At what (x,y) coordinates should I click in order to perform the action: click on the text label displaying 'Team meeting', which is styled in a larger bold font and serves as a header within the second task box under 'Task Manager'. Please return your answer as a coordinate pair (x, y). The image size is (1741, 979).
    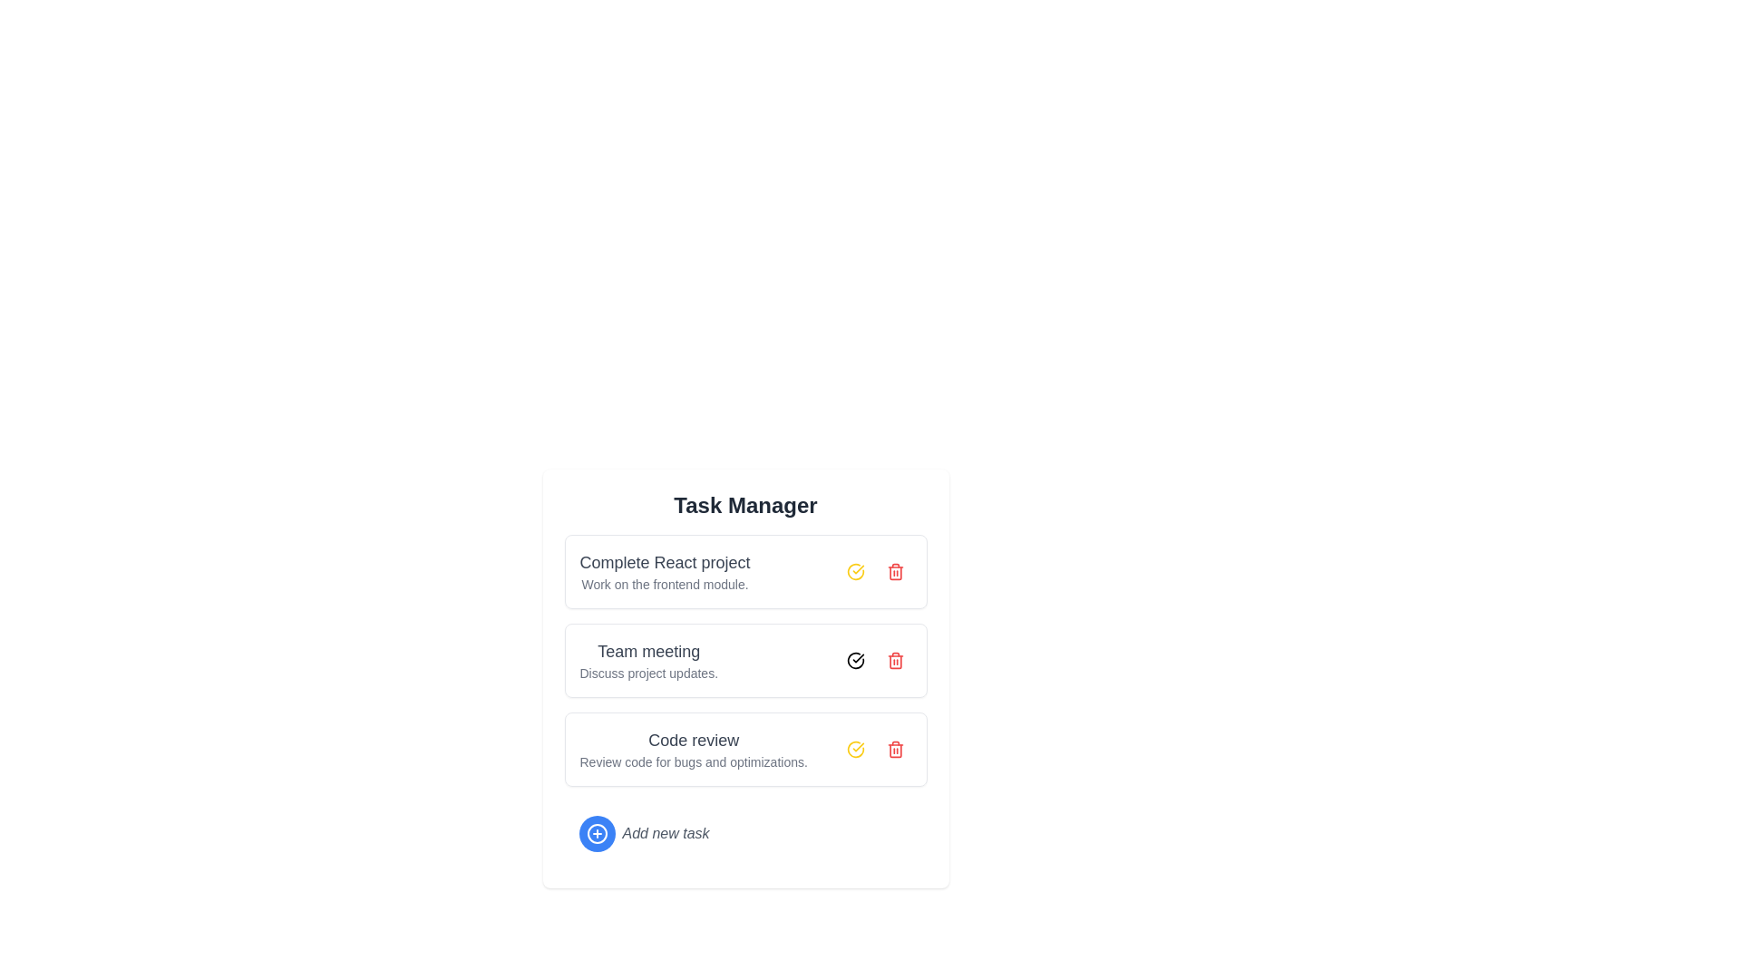
    Looking at the image, I should click on (648, 650).